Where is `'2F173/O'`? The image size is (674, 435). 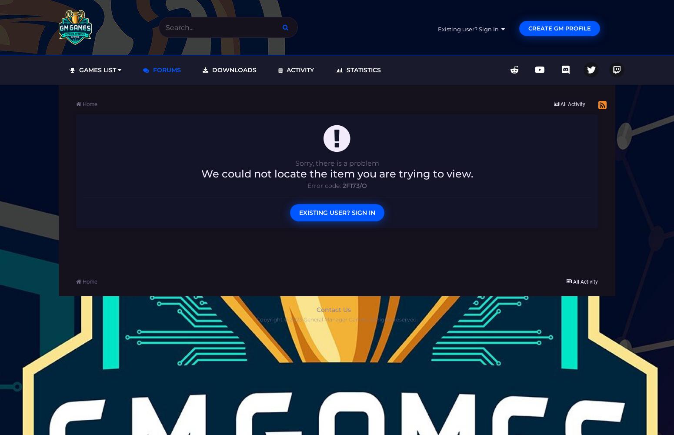 '2F173/O' is located at coordinates (341, 185).